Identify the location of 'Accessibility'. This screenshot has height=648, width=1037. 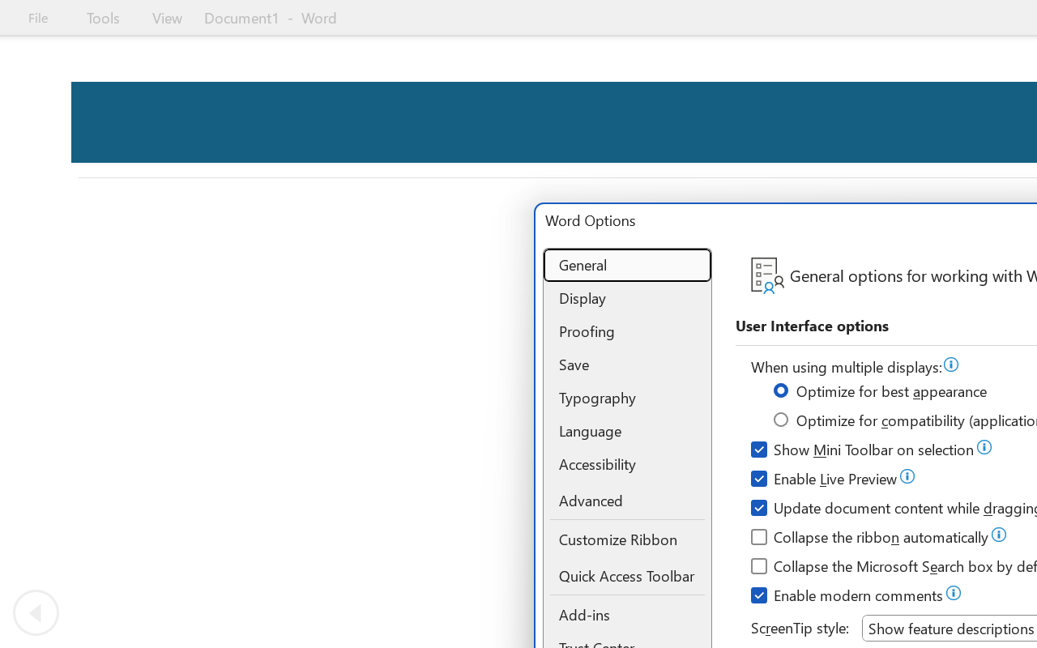
(626, 463).